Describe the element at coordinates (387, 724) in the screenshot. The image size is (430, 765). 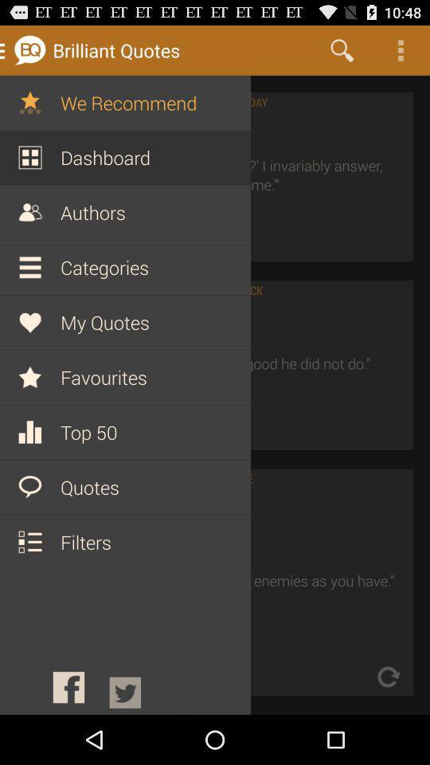
I see `the refresh icon` at that location.